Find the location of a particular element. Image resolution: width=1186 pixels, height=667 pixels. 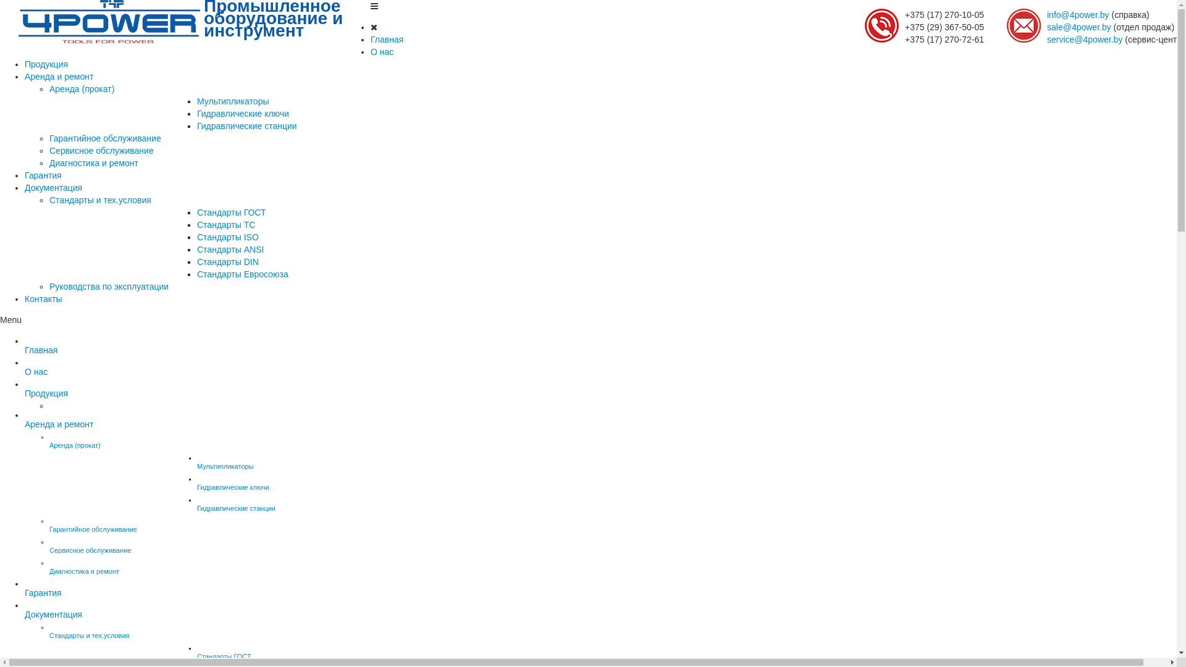

'service@4power.by' is located at coordinates (1084, 39).